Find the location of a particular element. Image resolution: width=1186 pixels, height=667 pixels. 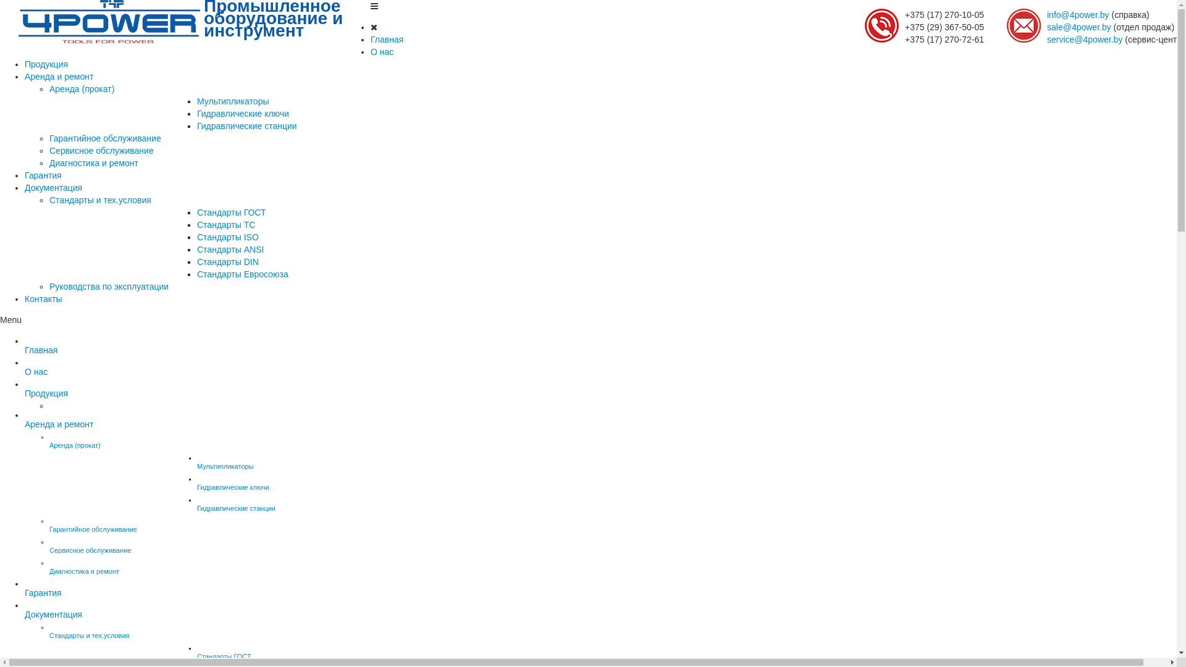

'service@4power.by' is located at coordinates (1084, 39).